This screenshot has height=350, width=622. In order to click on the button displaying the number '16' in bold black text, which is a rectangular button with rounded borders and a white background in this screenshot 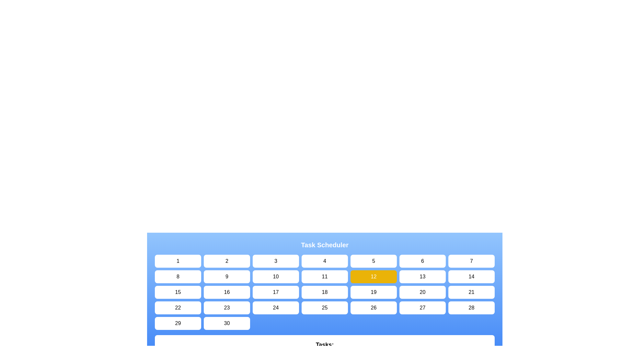, I will do `click(227, 292)`.